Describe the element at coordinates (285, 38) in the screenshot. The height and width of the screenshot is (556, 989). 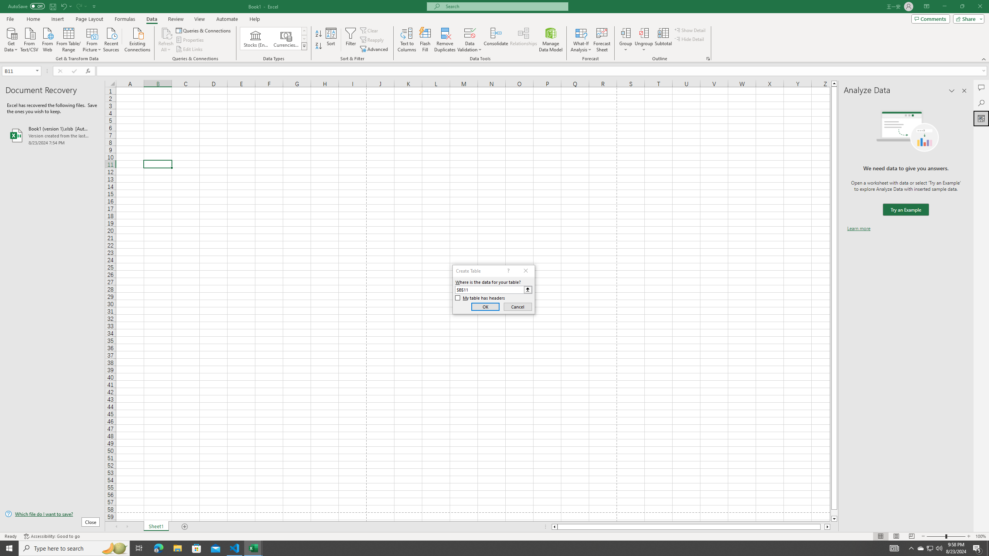
I see `'Currencies (English)'` at that location.